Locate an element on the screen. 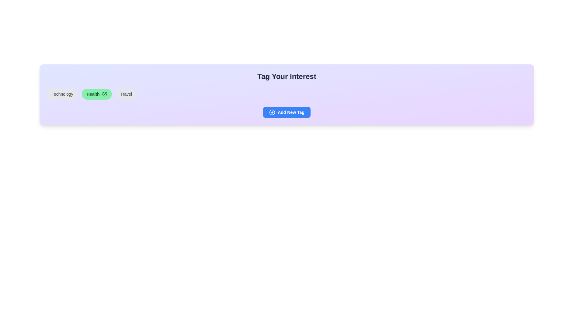 This screenshot has height=328, width=584. the button labeled 'Add New Tag' with a blue background and a '+' icon is located at coordinates (290, 112).